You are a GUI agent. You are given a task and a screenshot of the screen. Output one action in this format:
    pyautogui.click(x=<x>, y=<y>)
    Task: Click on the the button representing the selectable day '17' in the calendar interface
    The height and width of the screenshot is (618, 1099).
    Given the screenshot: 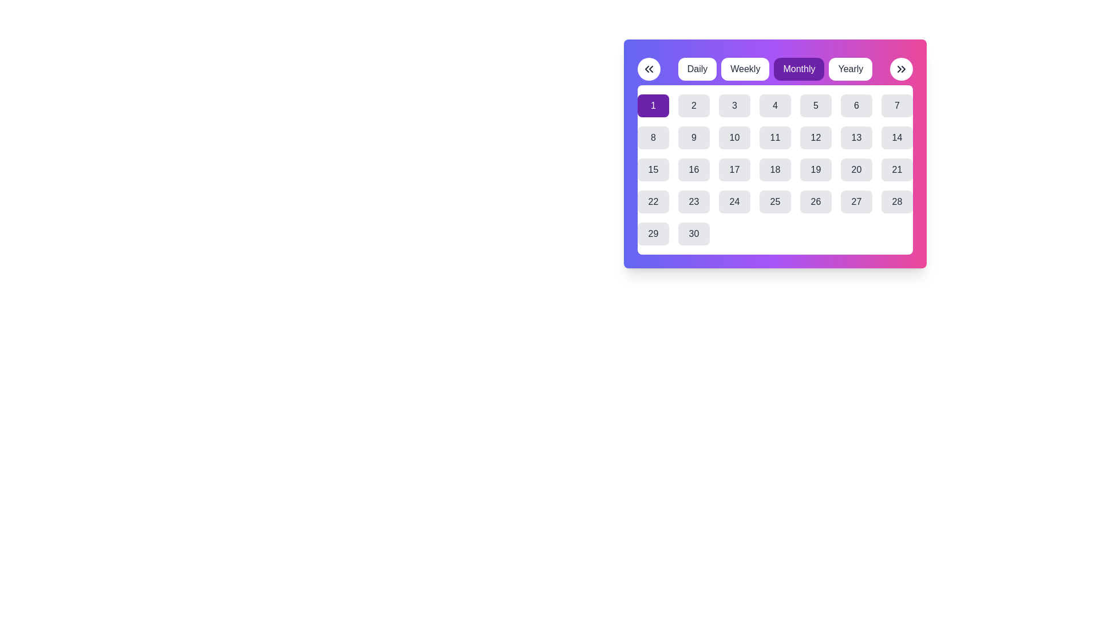 What is the action you would take?
    pyautogui.click(x=734, y=170)
    